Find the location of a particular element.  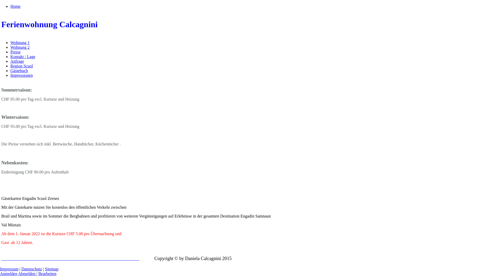

'Abmelden' is located at coordinates (27, 273).